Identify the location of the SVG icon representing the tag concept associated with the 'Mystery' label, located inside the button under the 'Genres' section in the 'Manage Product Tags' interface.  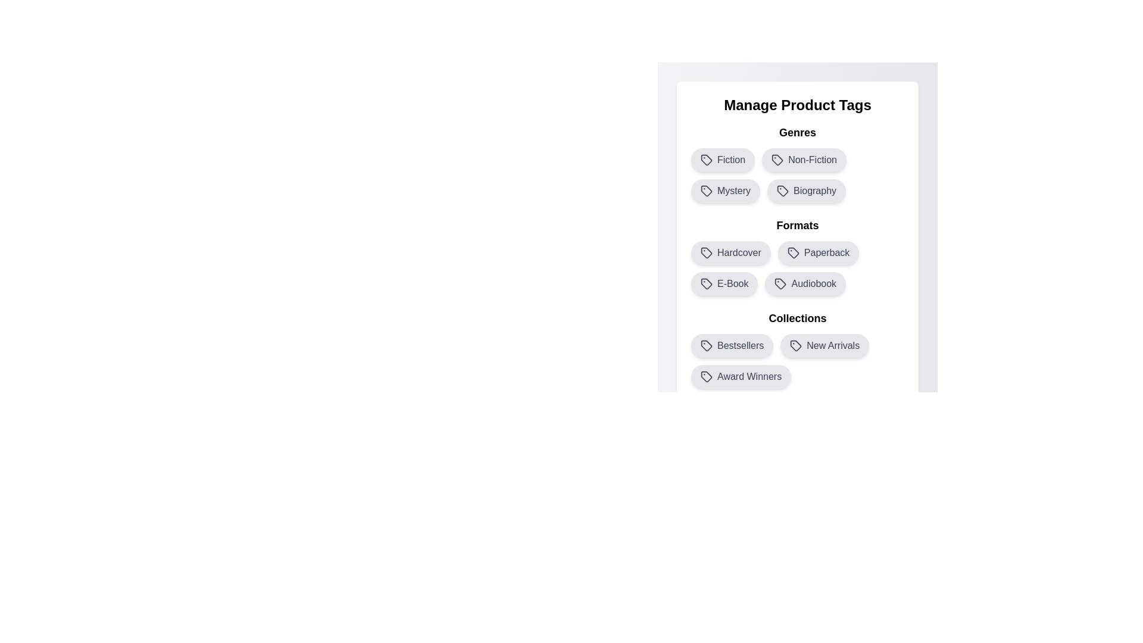
(706, 190).